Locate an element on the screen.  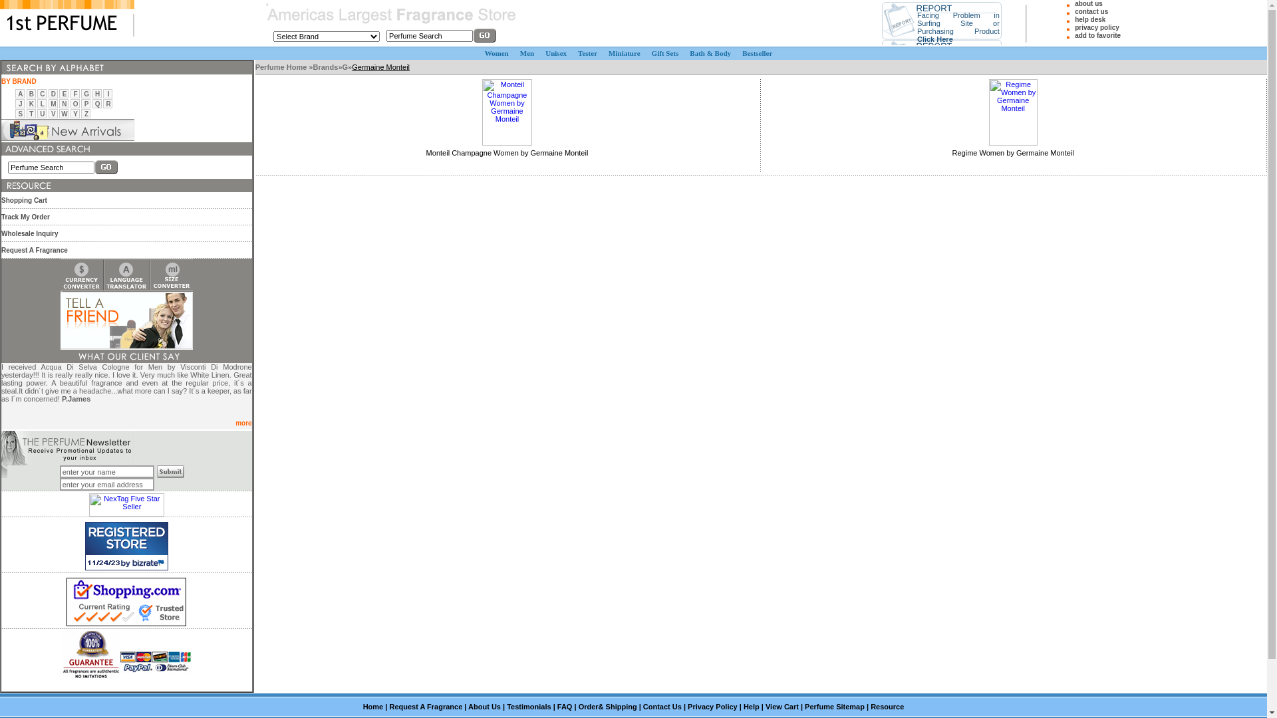
'N' is located at coordinates (63, 102).